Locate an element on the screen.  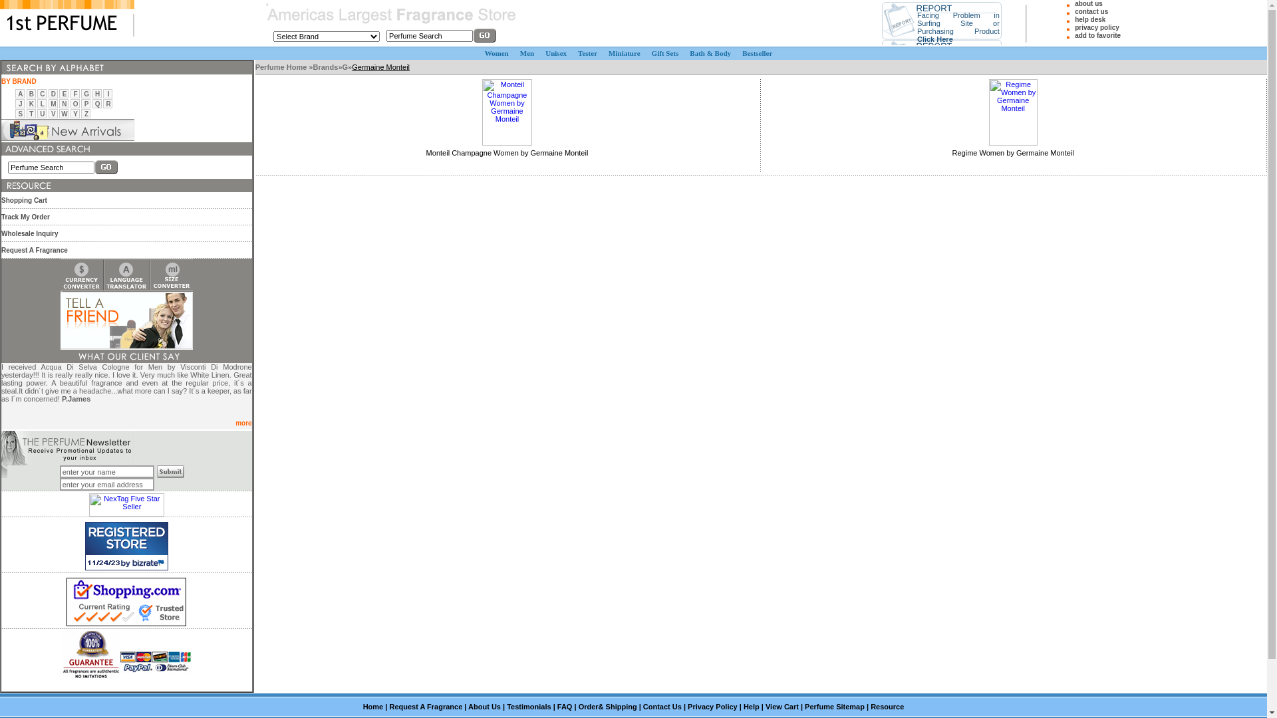
'N' is located at coordinates (63, 102).